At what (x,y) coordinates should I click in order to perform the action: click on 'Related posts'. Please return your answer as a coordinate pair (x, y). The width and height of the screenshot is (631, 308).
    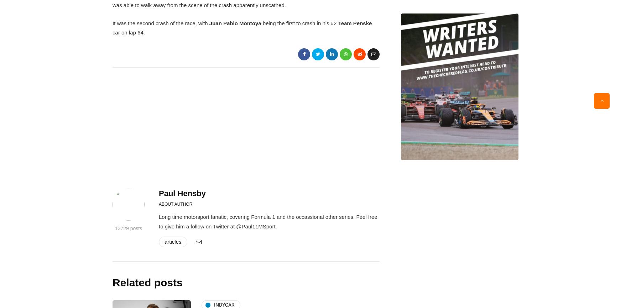
    Looking at the image, I should click on (147, 282).